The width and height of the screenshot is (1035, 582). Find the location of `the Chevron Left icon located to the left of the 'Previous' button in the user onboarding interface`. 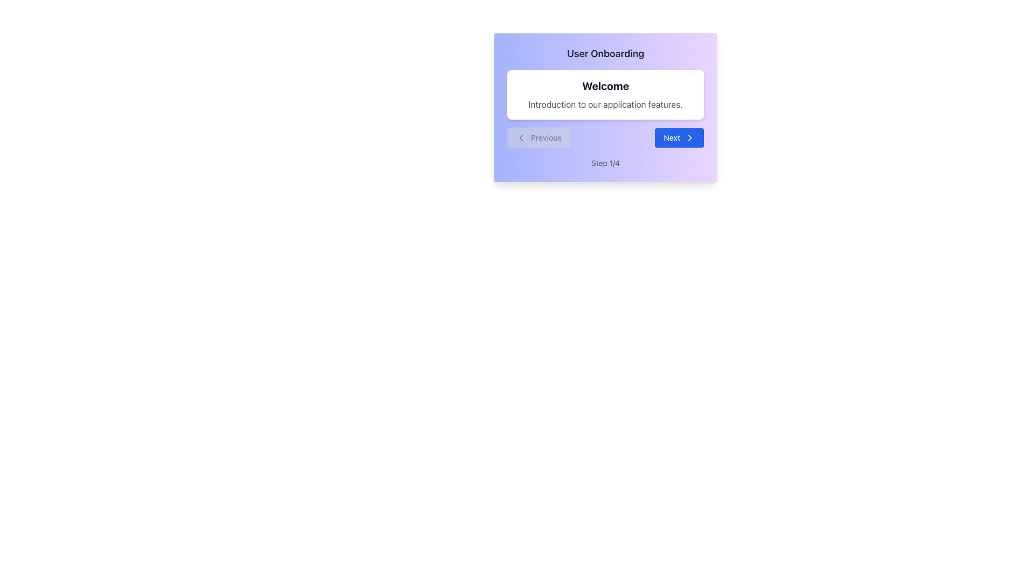

the Chevron Left icon located to the left of the 'Previous' button in the user onboarding interface is located at coordinates (521, 137).